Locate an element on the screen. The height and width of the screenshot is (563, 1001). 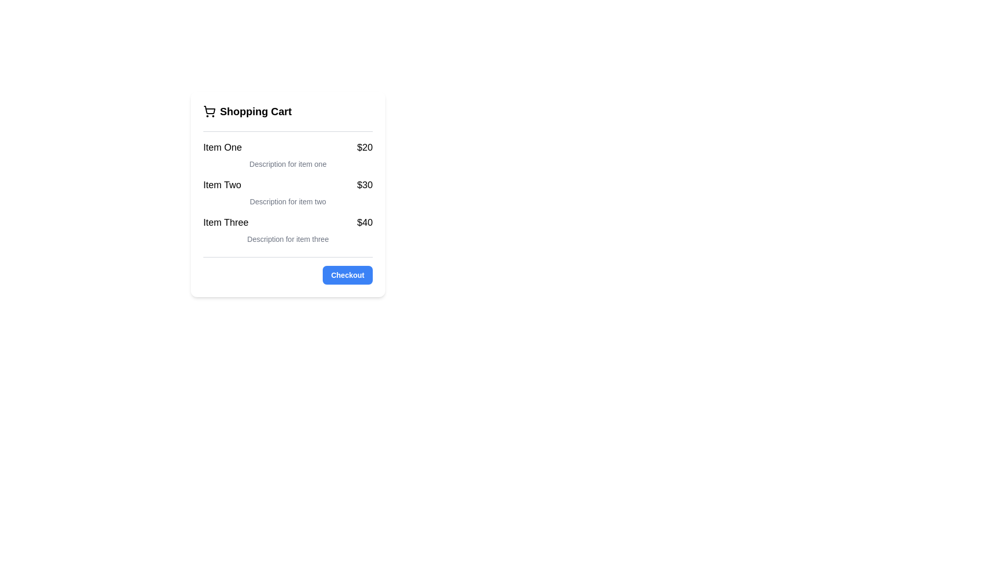
the text 'Description for item three', which is styled in a gray, small font and positioned below 'Item Three $40' in the shopping cart interface is located at coordinates (288, 239).